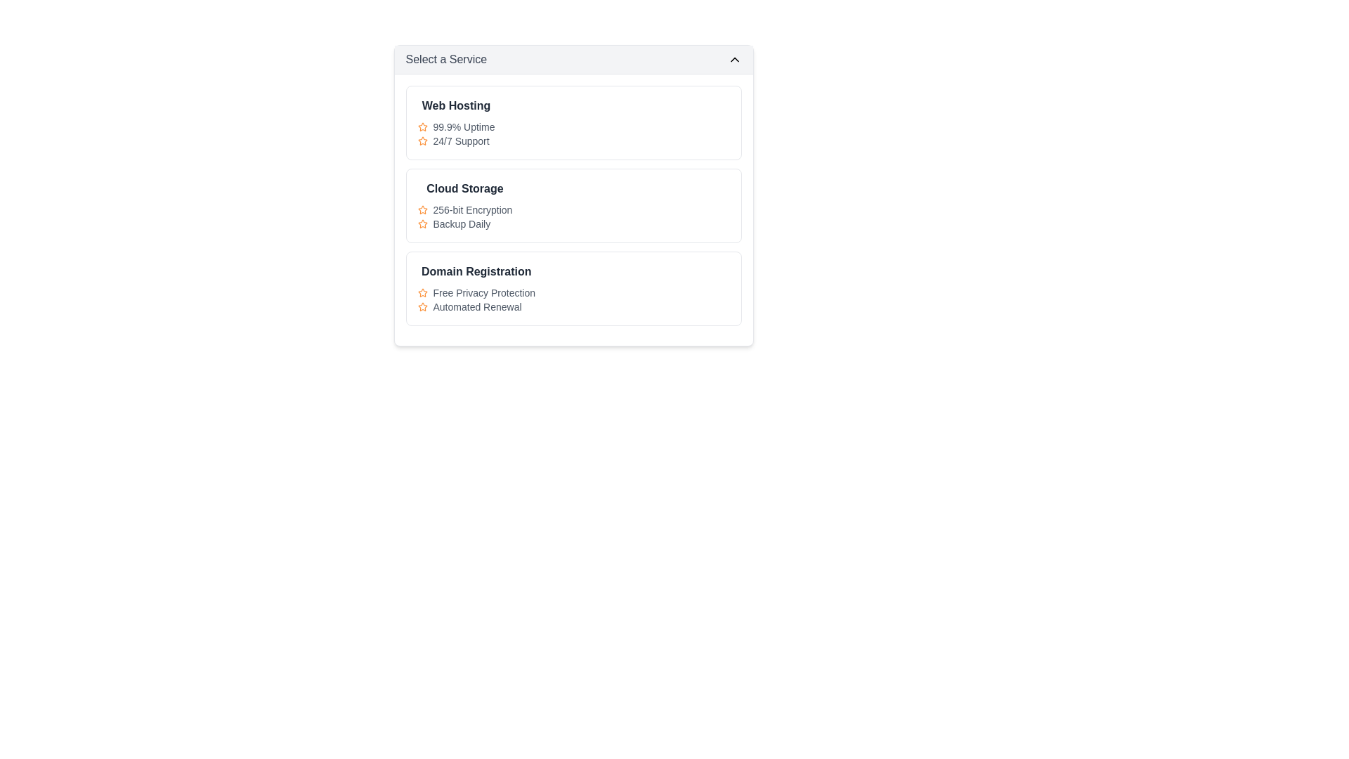  I want to click on the visual indicator icon located to the left of the 'Automated Renewal' text in the 'Domain Registration' section, so click(422, 306).